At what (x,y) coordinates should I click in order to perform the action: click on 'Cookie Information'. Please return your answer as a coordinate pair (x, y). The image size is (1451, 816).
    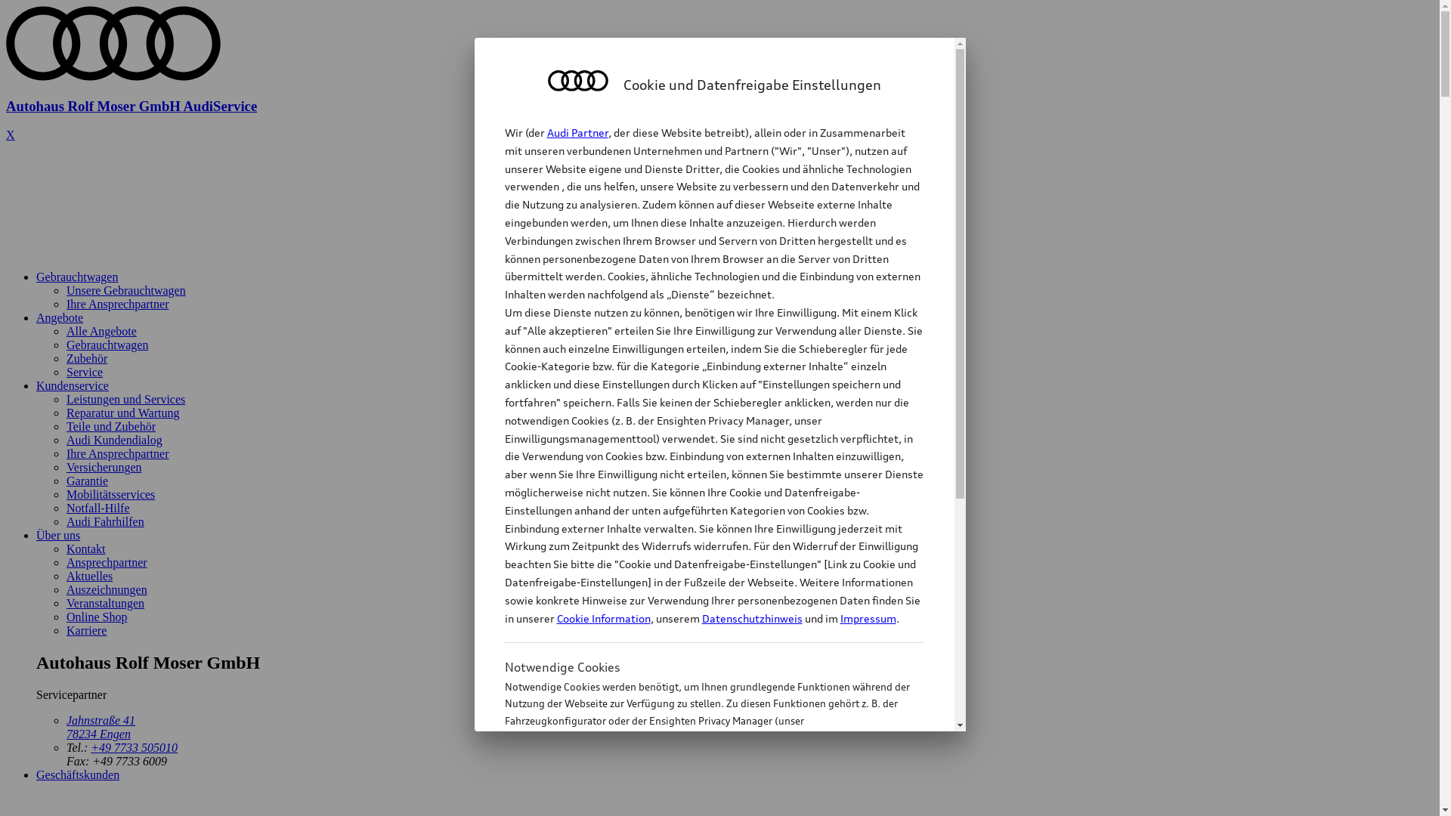
    Looking at the image, I should click on (602, 618).